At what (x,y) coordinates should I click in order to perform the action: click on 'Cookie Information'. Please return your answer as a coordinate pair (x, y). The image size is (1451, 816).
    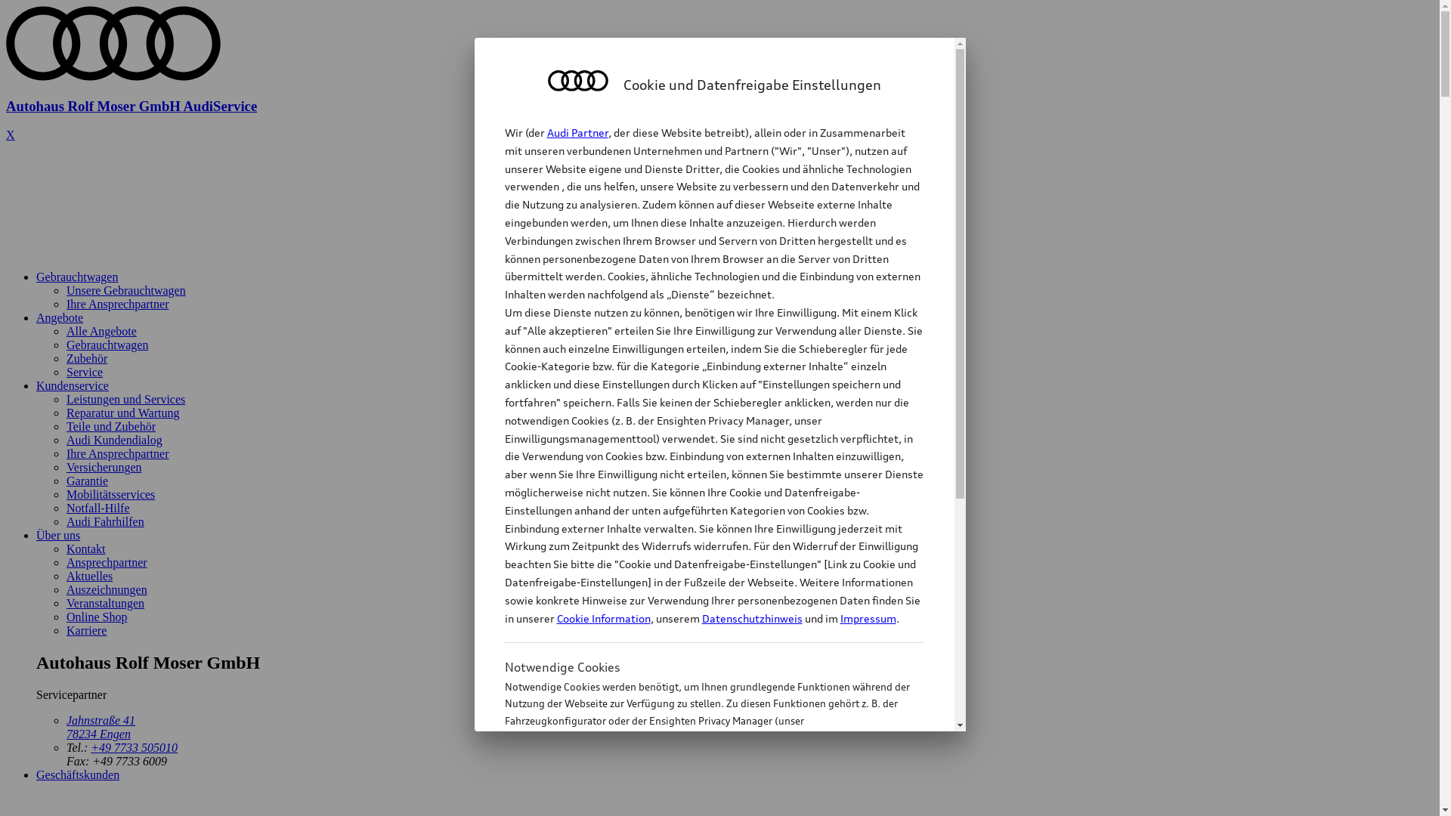
    Looking at the image, I should click on (602, 618).